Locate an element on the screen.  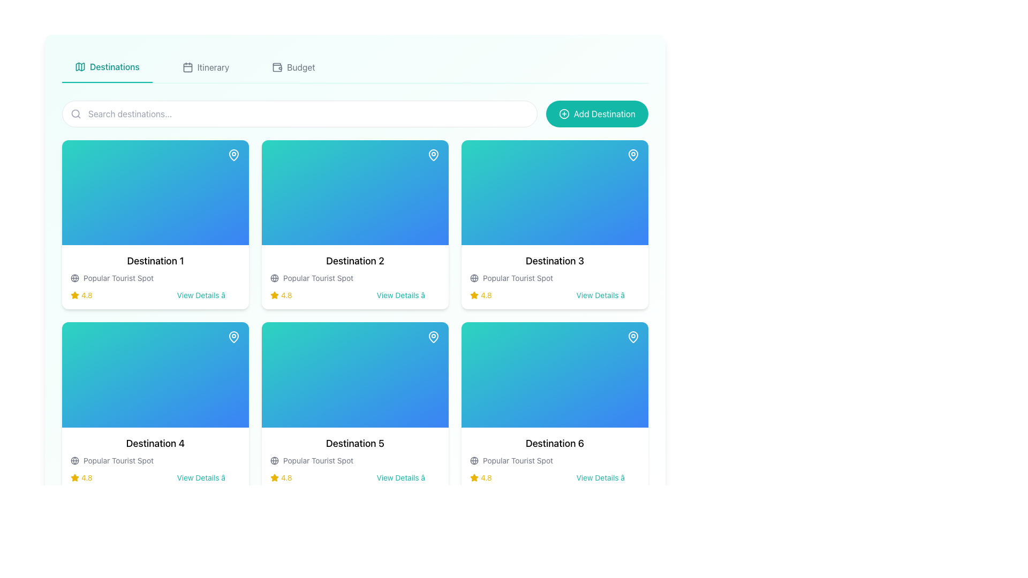
the large bold section header labeled 'Destination 3', which is positioned in the top row and third column of the card grid is located at coordinates (555, 261).